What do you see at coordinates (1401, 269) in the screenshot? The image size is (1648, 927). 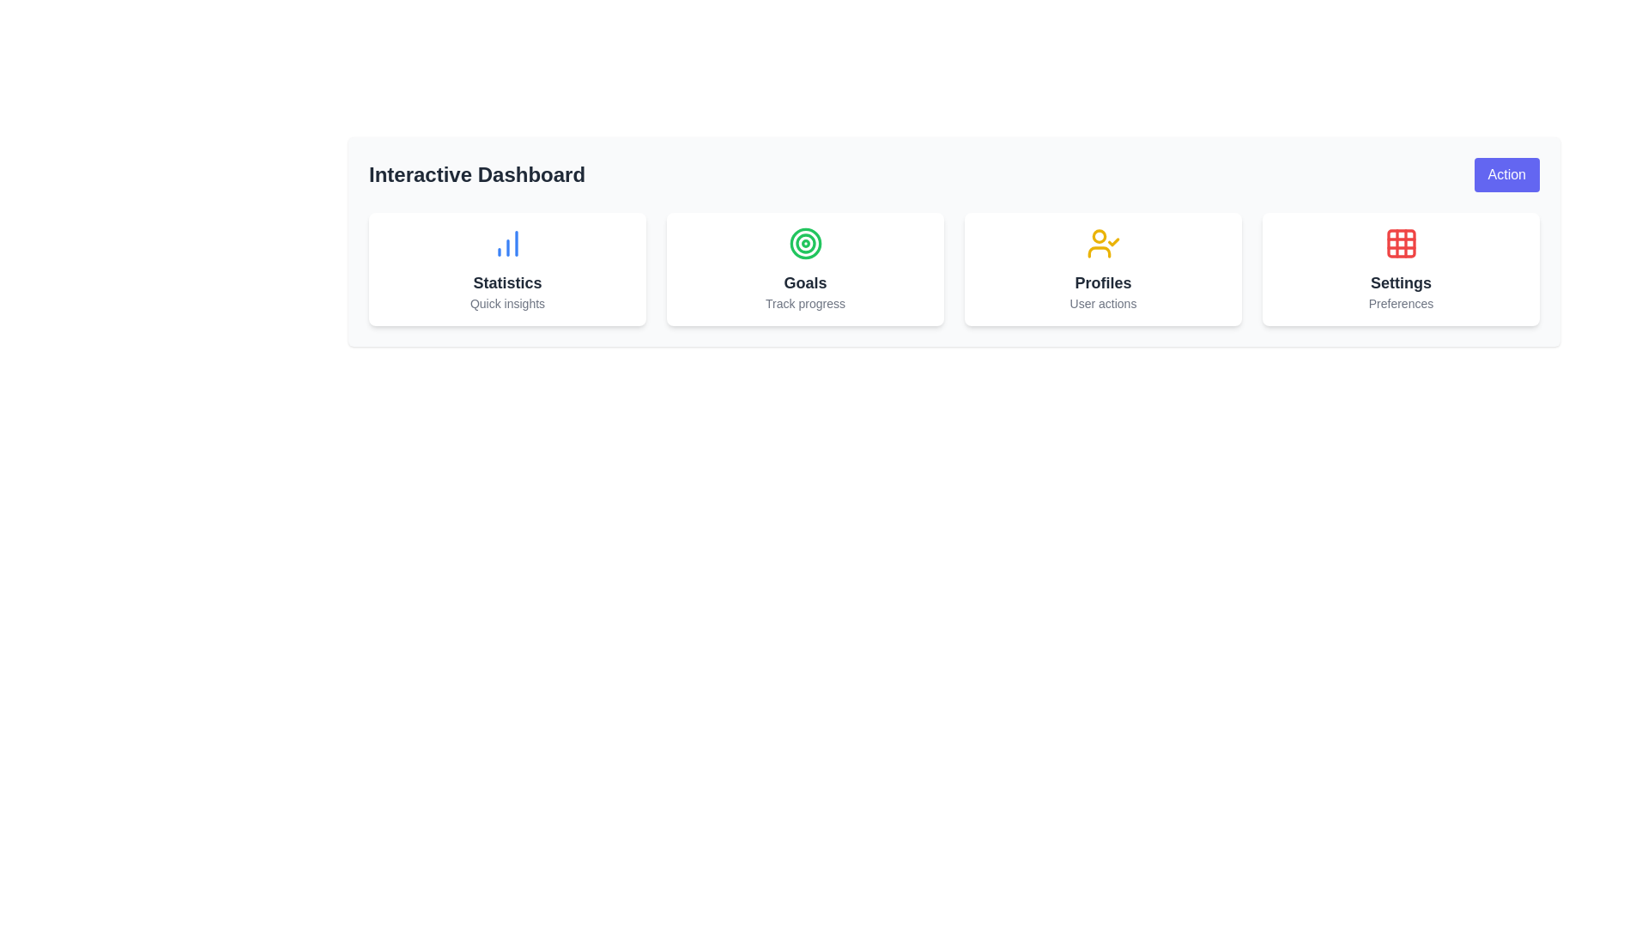 I see `the interactive card labeled 'Settings' with a grid icon, located on the far right of the row in a horizontally aligned grid` at bounding box center [1401, 269].